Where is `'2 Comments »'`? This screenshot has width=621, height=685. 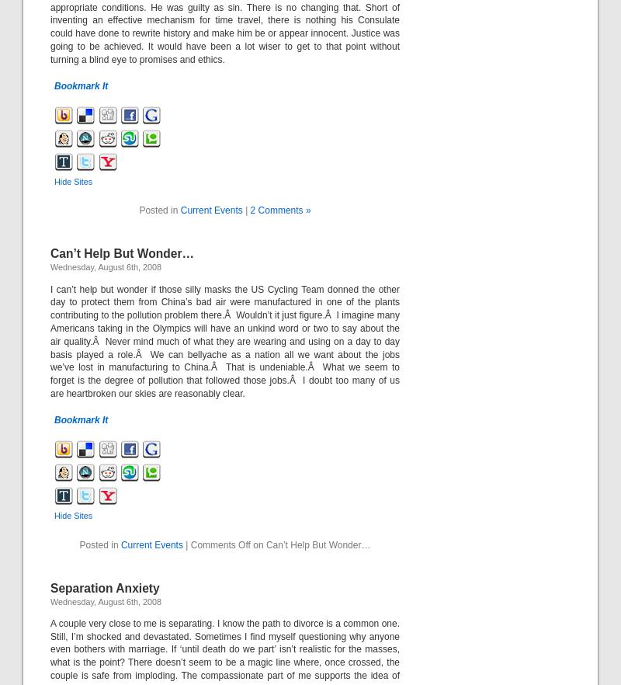 '2 Comments »' is located at coordinates (249, 210).